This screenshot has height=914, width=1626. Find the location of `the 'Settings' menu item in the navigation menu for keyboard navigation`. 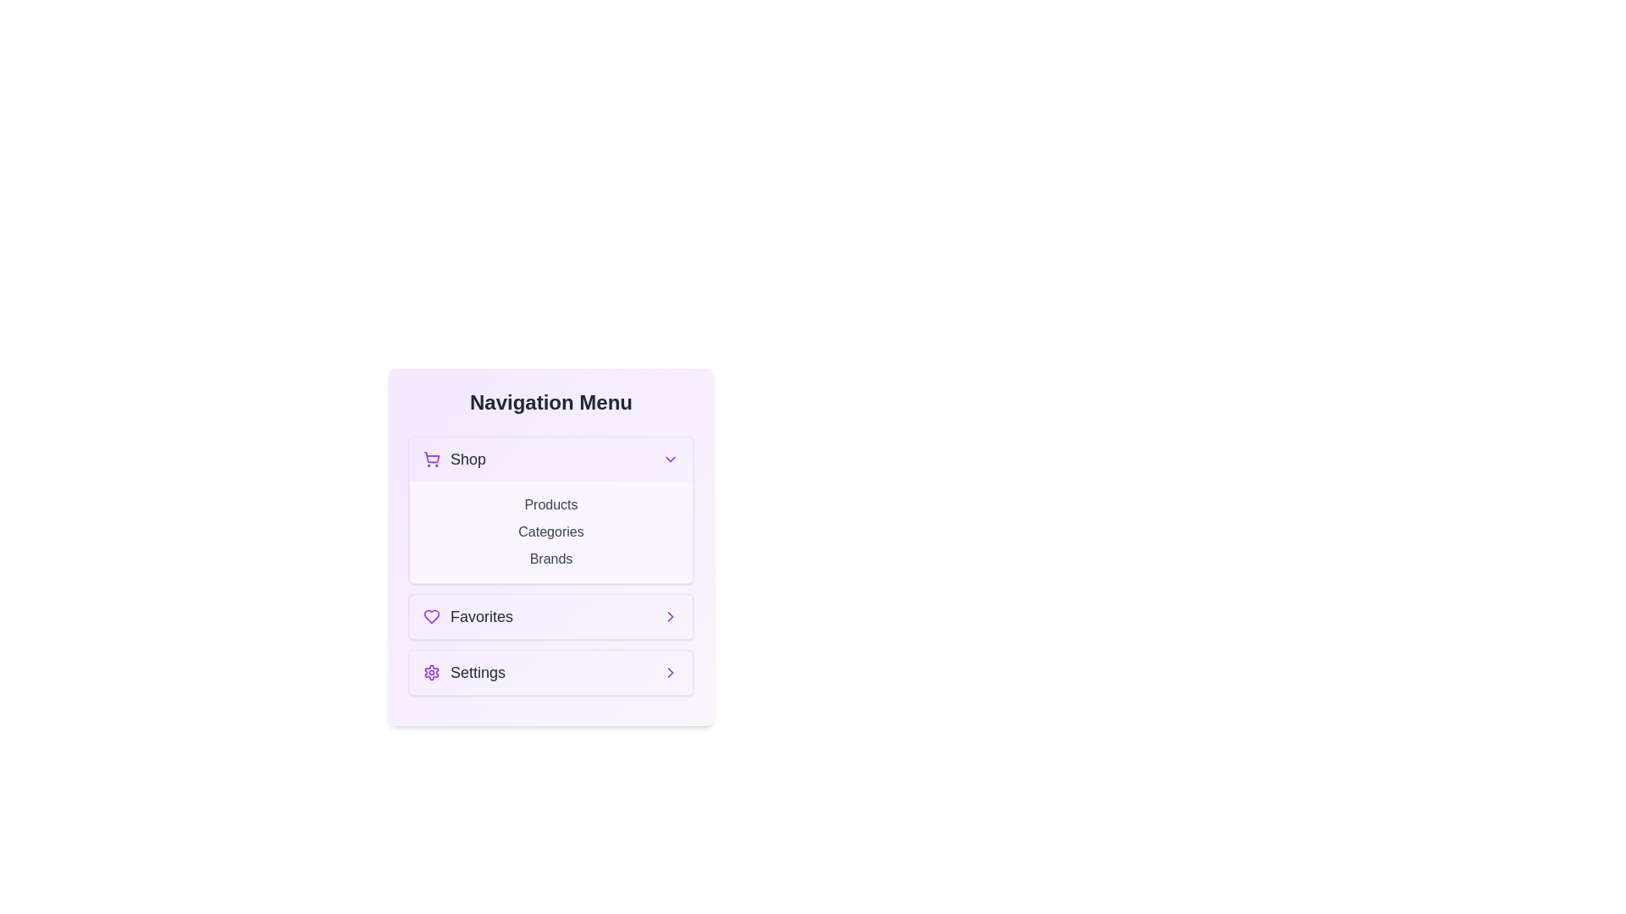

the 'Settings' menu item in the navigation menu for keyboard navigation is located at coordinates (551, 671).